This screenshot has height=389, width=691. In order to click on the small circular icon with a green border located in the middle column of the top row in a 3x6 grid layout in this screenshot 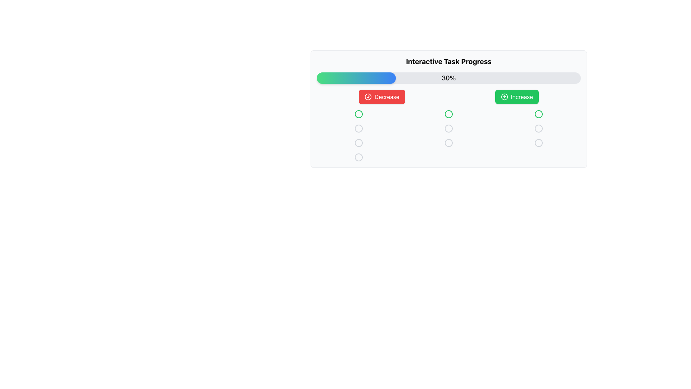, I will do `click(448, 113)`.